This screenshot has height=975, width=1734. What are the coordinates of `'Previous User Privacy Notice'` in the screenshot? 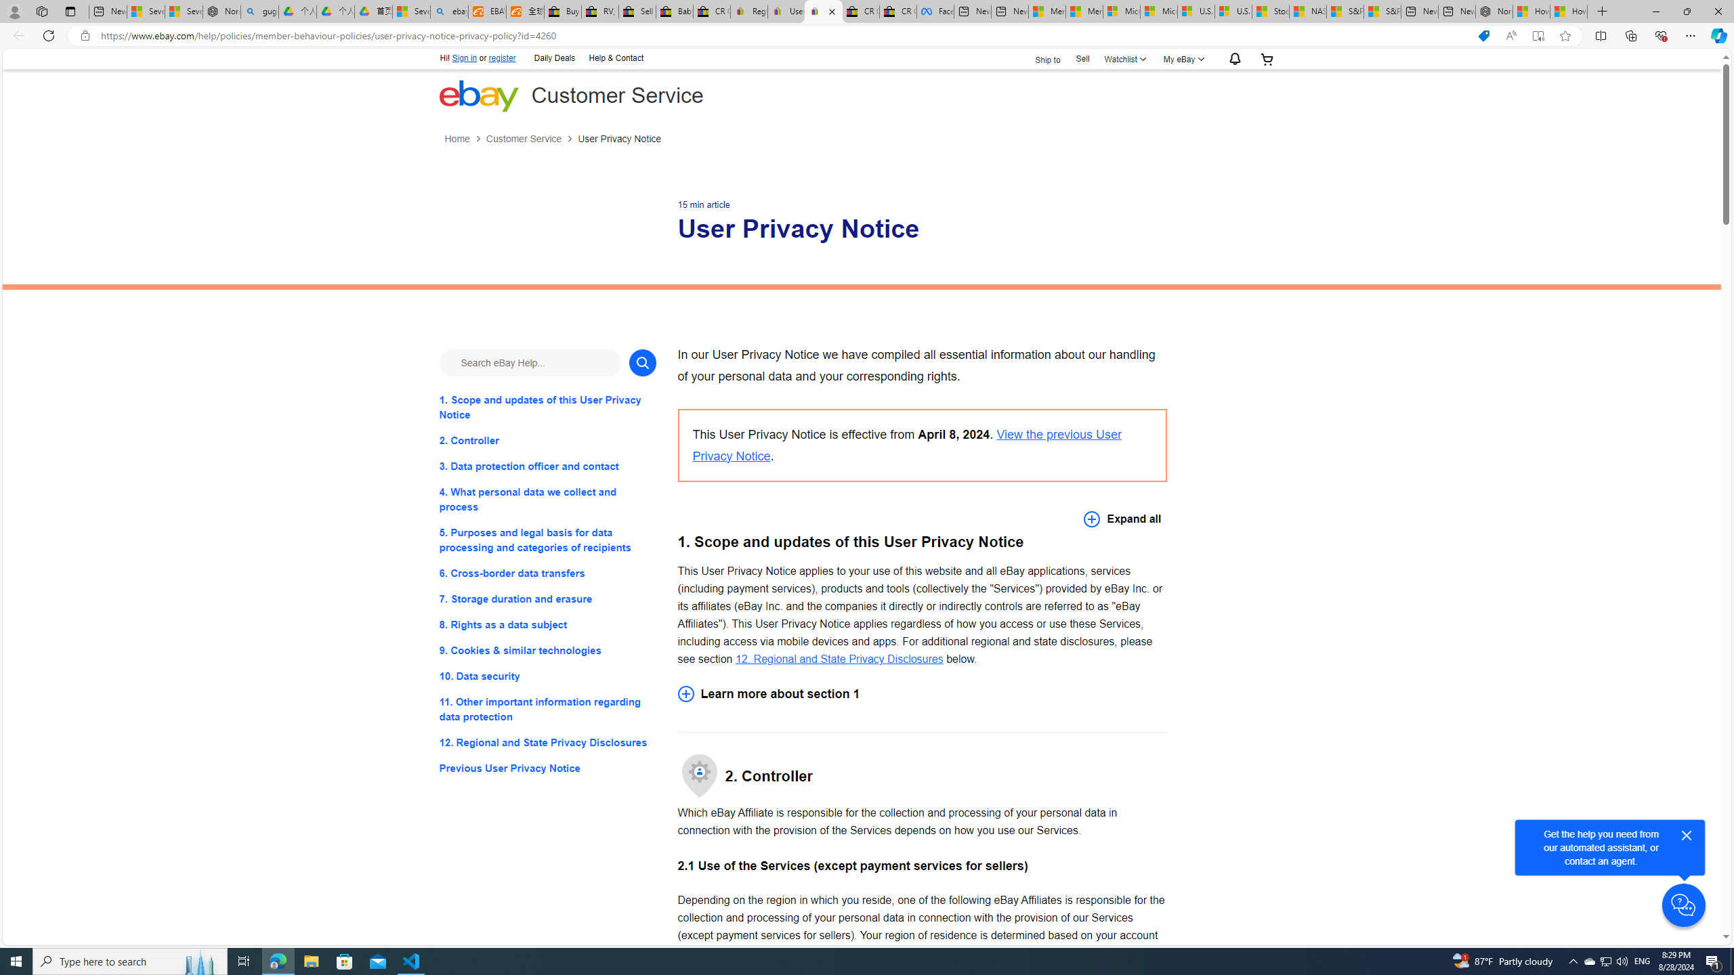 It's located at (547, 768).